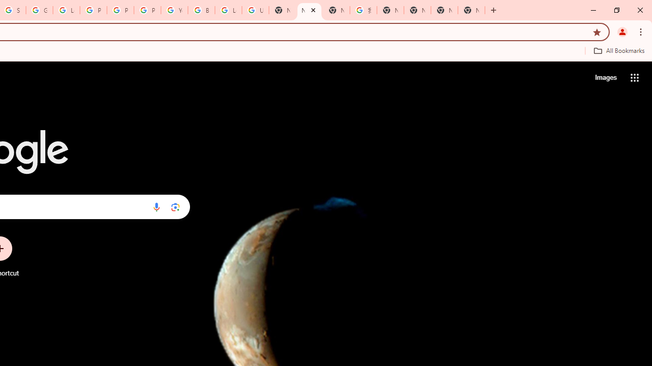  I want to click on 'New Tab', so click(471, 10).